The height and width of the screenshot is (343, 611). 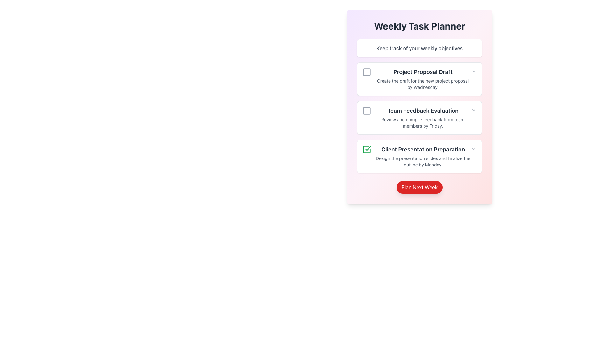 I want to click on text content displayed in the task title and description within the second card of the task list, so click(x=417, y=79).